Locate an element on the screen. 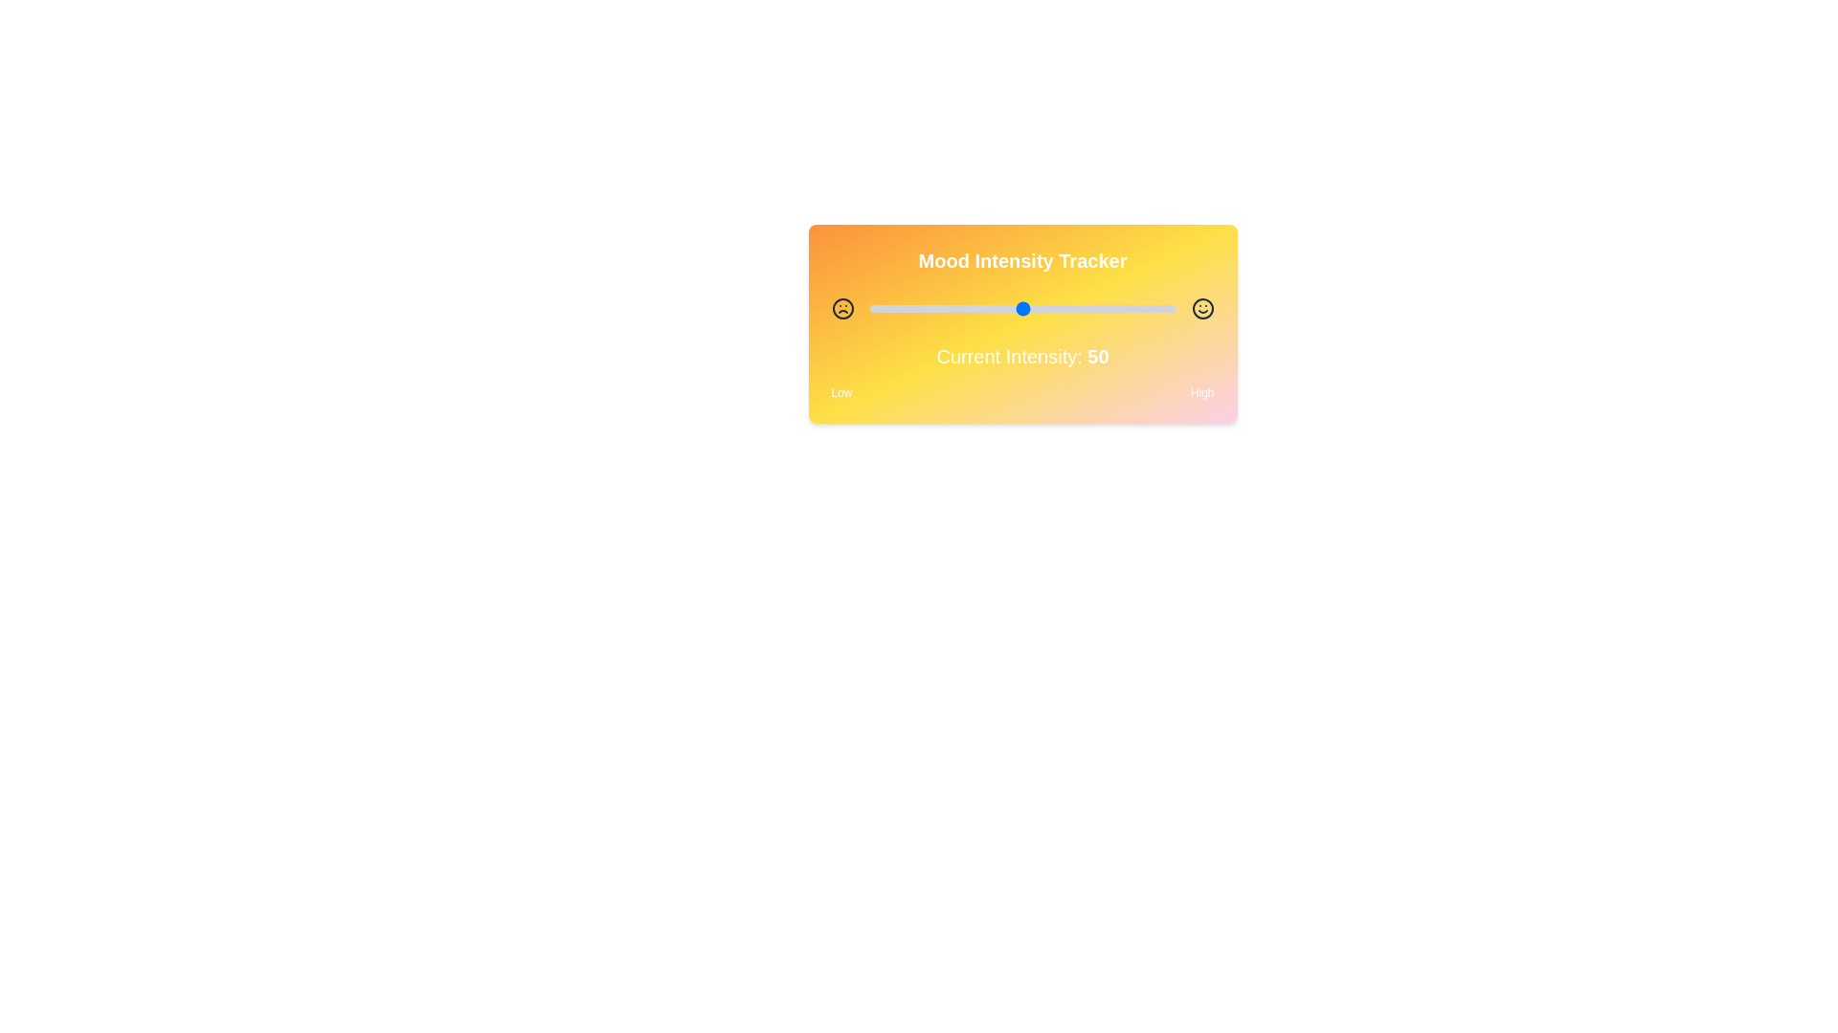 This screenshot has width=1838, height=1033. the slider to set the intensity to 33 is located at coordinates (971, 308).